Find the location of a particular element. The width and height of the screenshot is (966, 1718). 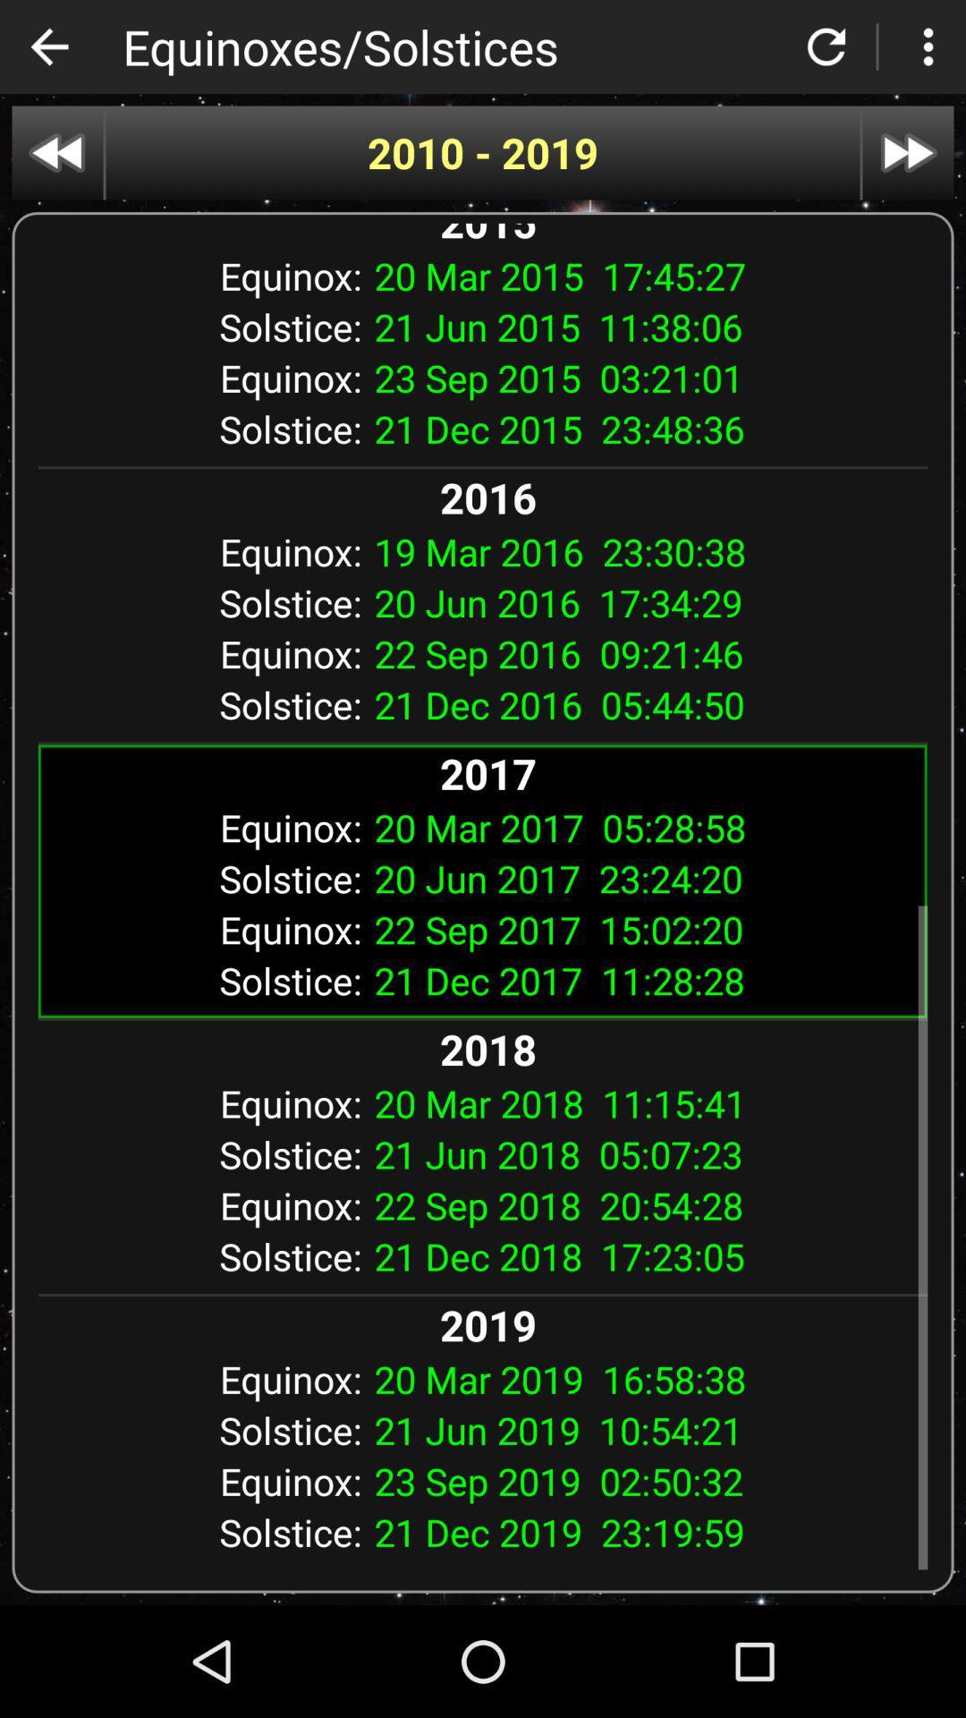

the icon above 2015 app is located at coordinates (483, 153).